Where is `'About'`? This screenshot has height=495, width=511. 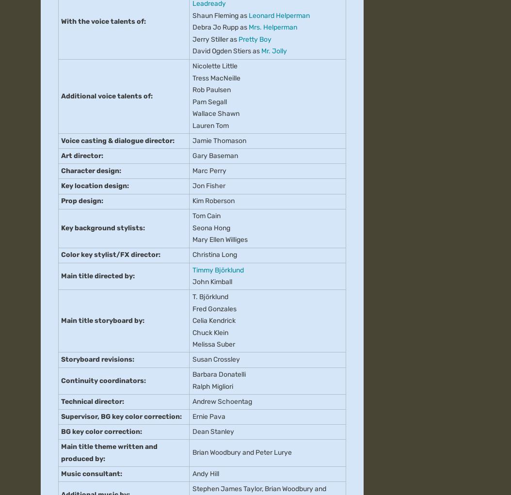
'About' is located at coordinates (40, 91).